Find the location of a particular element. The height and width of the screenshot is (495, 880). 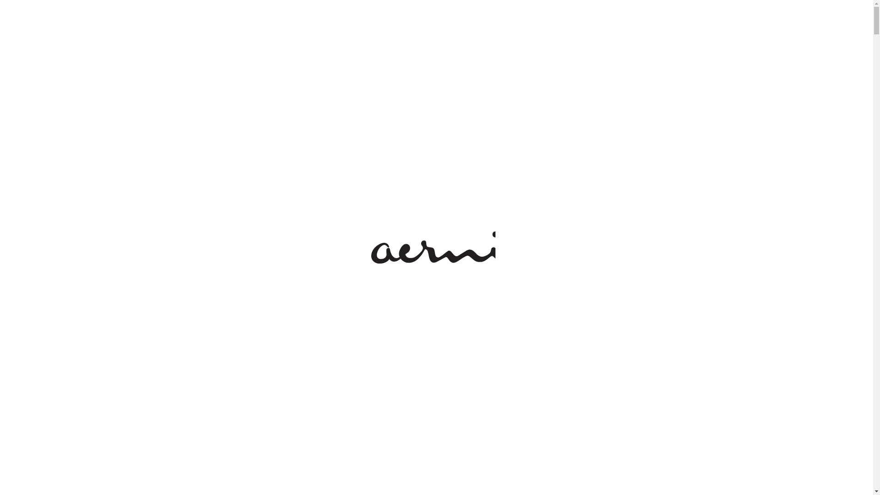

'BAR' is located at coordinates (677, 38).